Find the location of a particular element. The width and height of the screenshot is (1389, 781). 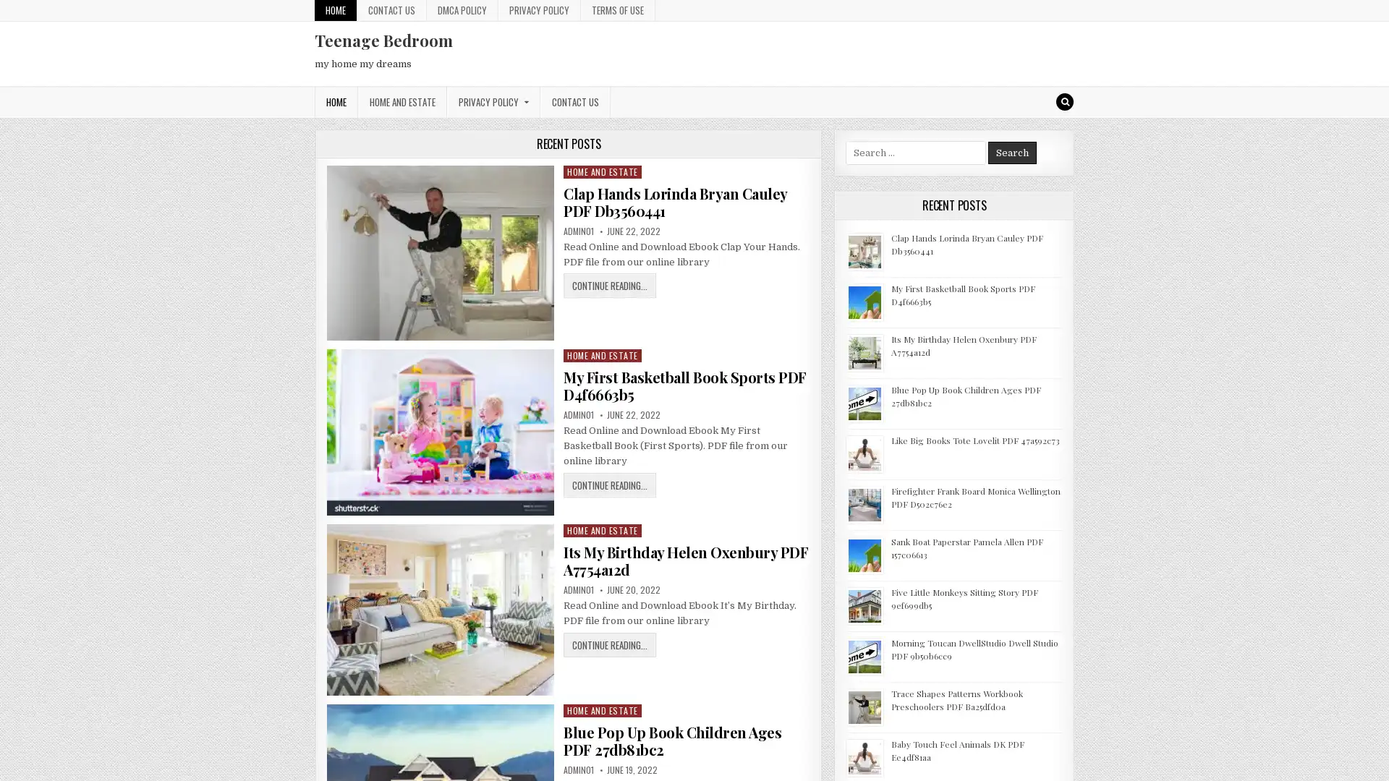

Search is located at coordinates (1011, 153).